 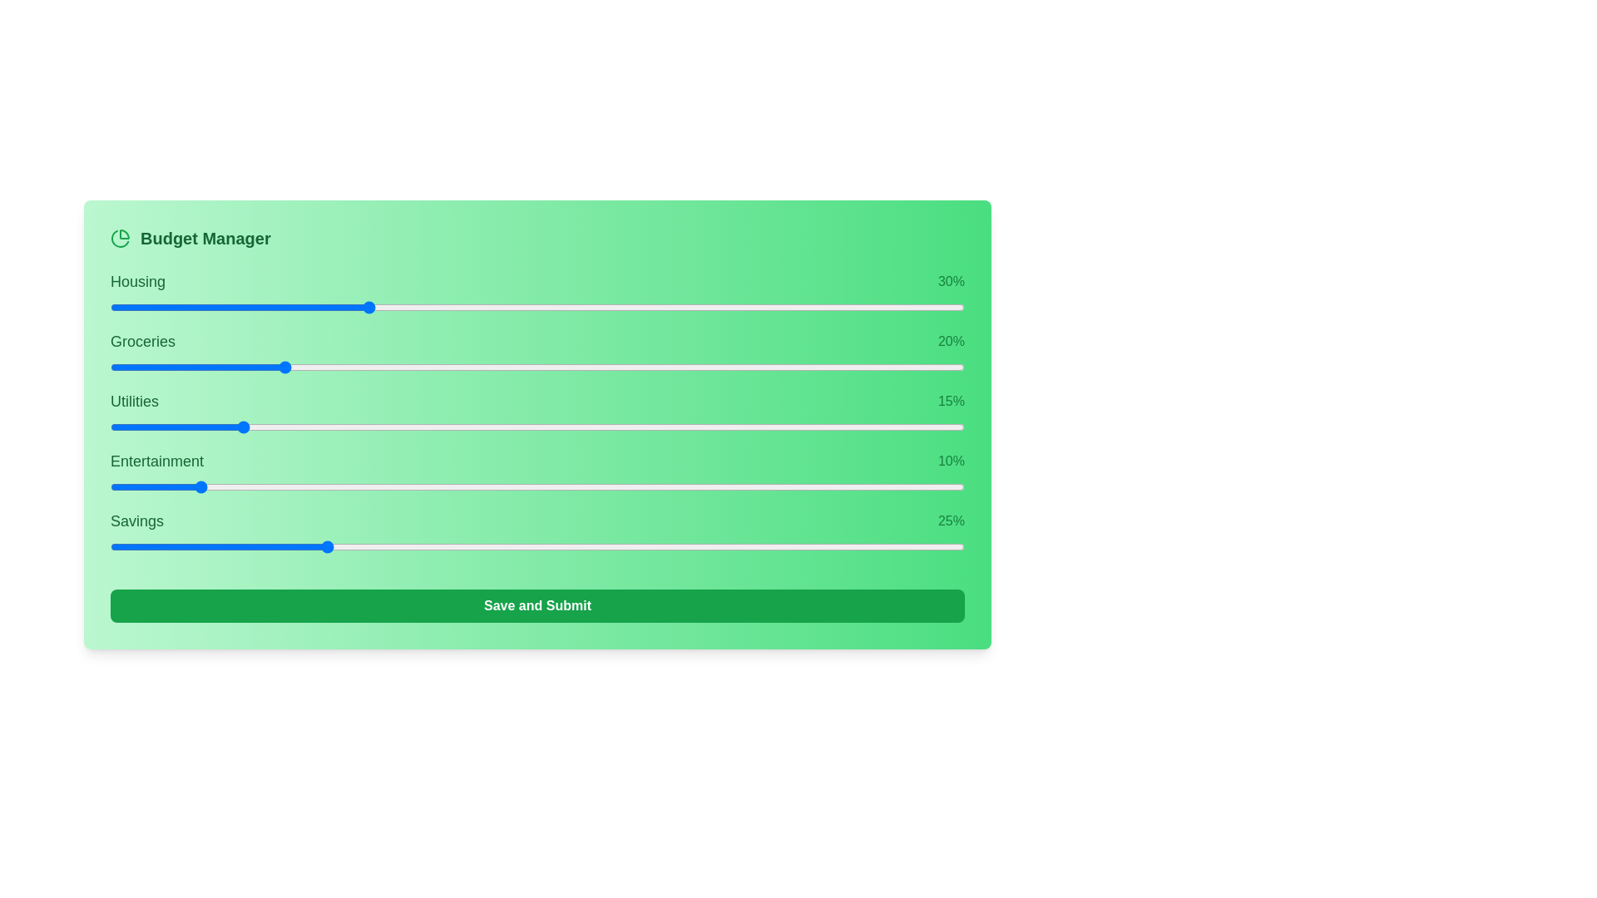 I want to click on the slider for 0 to 62% allocation, so click(x=802, y=308).